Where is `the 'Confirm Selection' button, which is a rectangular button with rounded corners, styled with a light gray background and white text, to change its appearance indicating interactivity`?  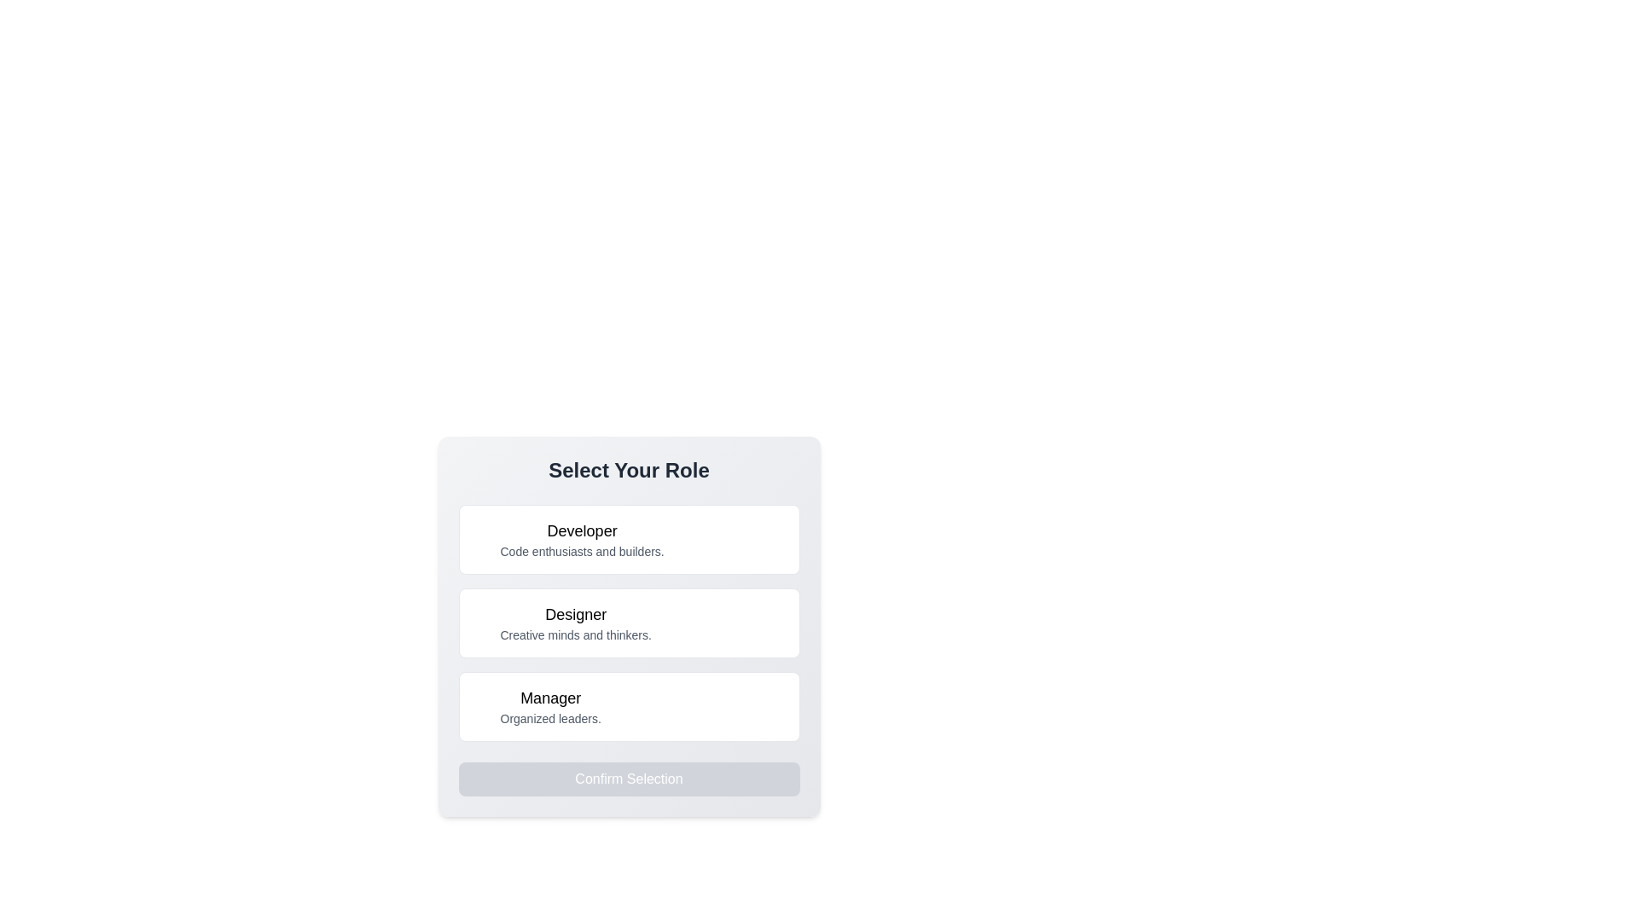
the 'Confirm Selection' button, which is a rectangular button with rounded corners, styled with a light gray background and white text, to change its appearance indicating interactivity is located at coordinates (628, 779).